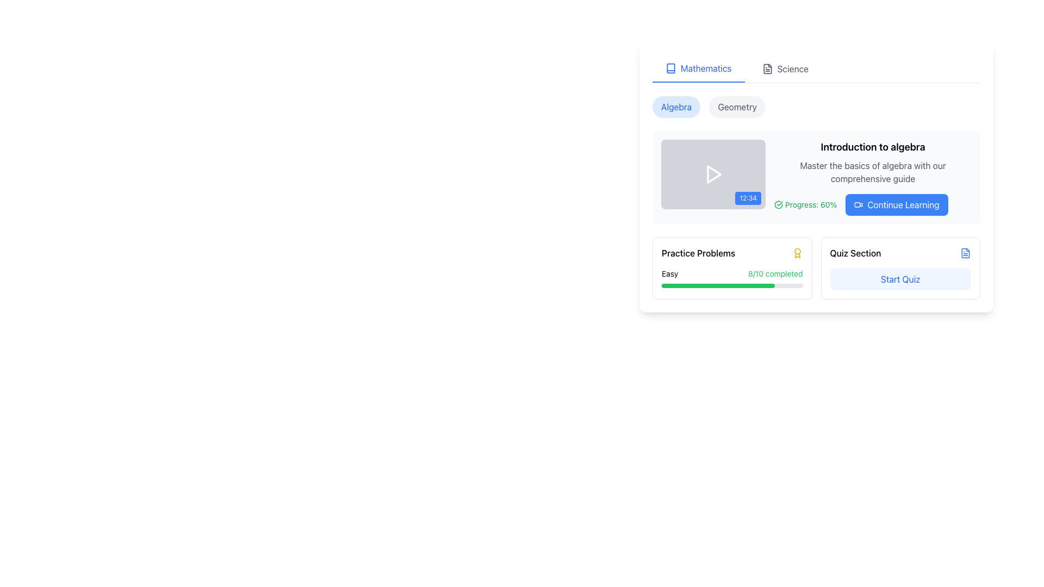 Image resolution: width=1044 pixels, height=587 pixels. What do you see at coordinates (713, 173) in the screenshot?
I see `the play button located on the gray rectangular card in the main content area` at bounding box center [713, 173].